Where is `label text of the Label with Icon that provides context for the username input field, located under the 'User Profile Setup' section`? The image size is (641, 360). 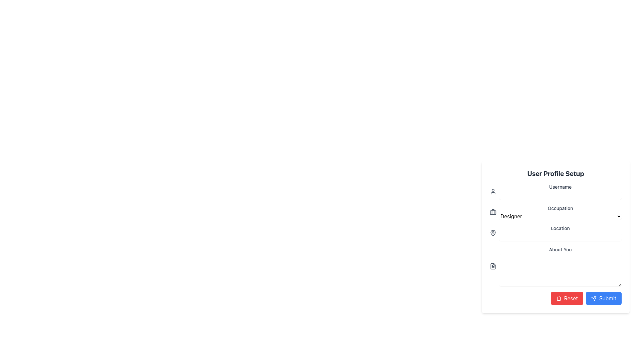 label text of the Label with Icon that provides context for the username input field, located under the 'User Profile Setup' section is located at coordinates (556, 191).